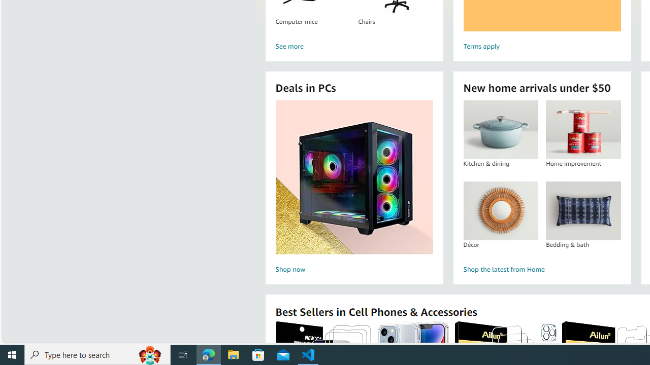 This screenshot has height=365, width=650. I want to click on 'Home improvement', so click(583, 129).